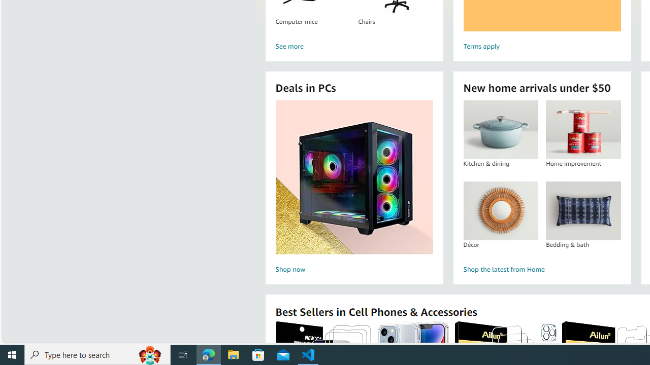 This screenshot has height=365, width=650. I want to click on 'Home improvement', so click(583, 129).